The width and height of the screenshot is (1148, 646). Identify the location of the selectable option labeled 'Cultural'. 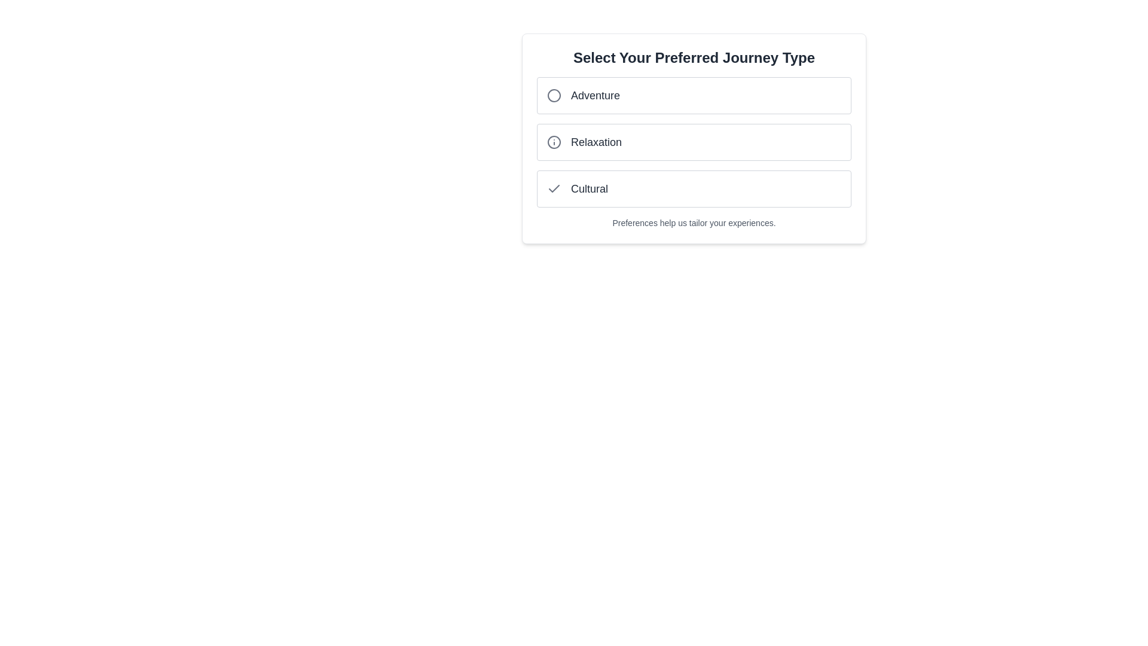
(694, 188).